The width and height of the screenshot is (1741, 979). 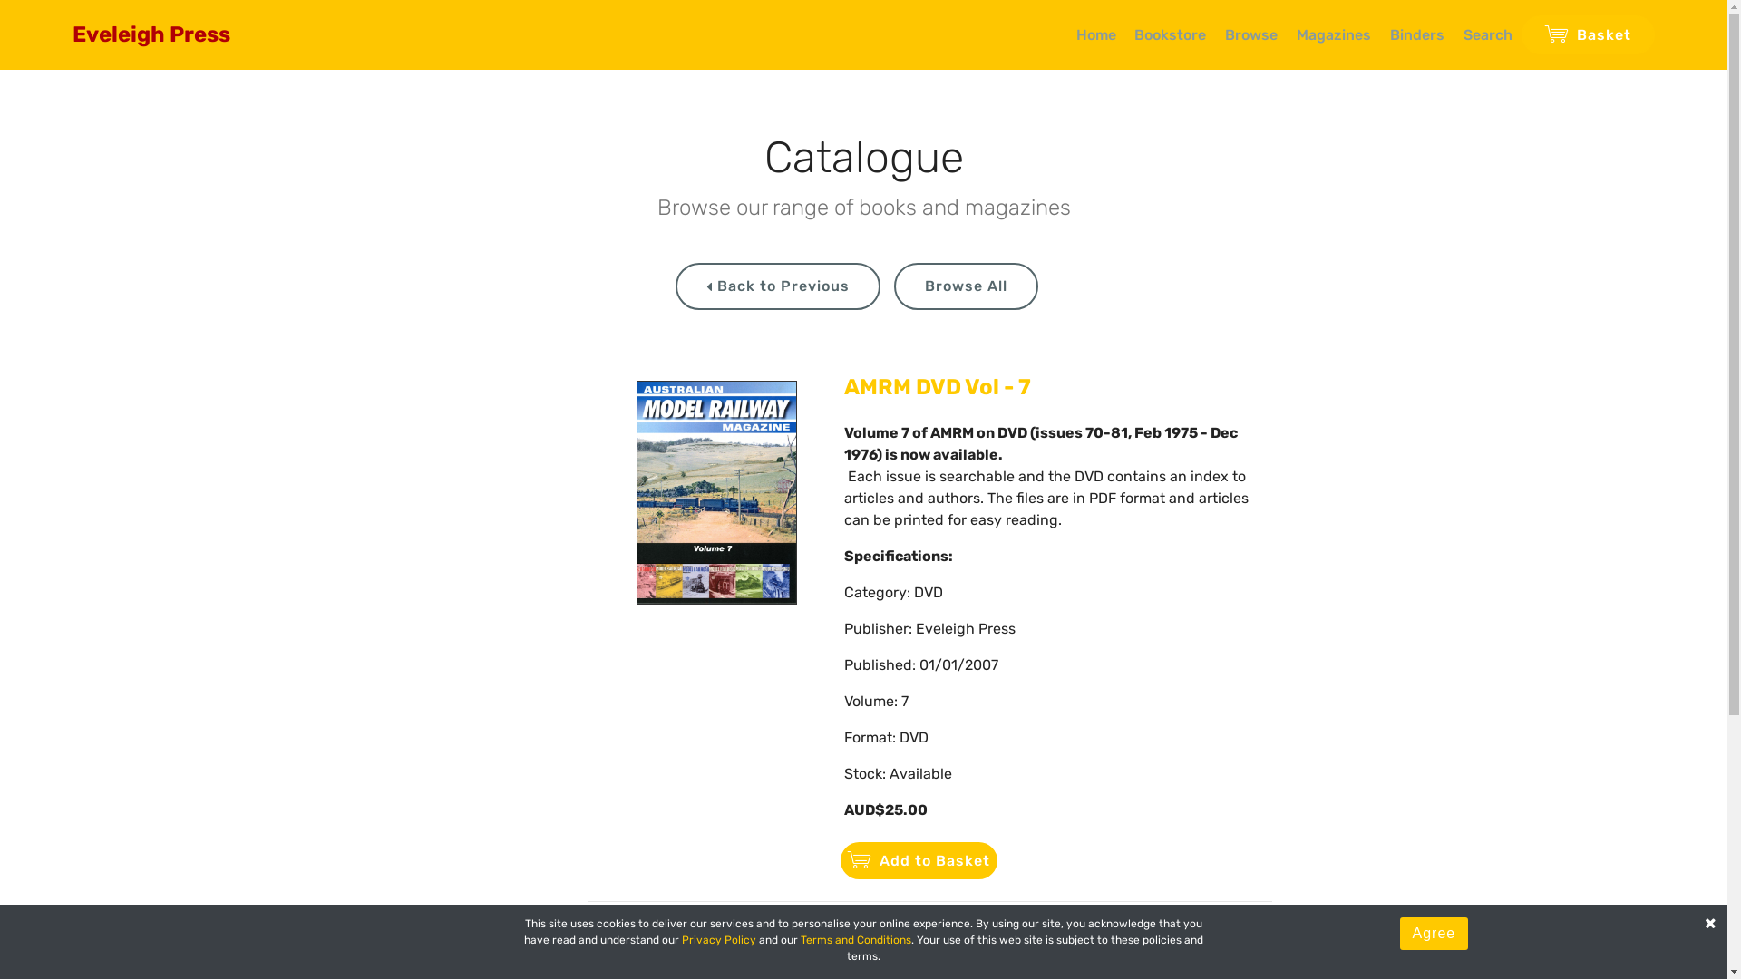 What do you see at coordinates (1296, 34) in the screenshot?
I see `'Magazines'` at bounding box center [1296, 34].